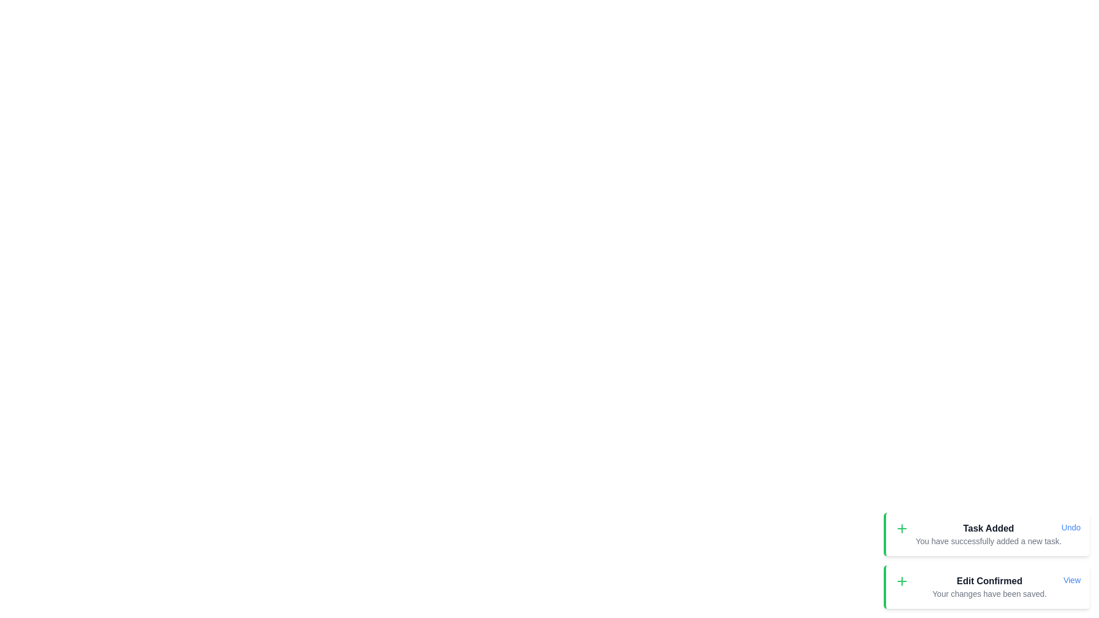  I want to click on the action button labeled Undo in the snackbar item, so click(1070, 527).